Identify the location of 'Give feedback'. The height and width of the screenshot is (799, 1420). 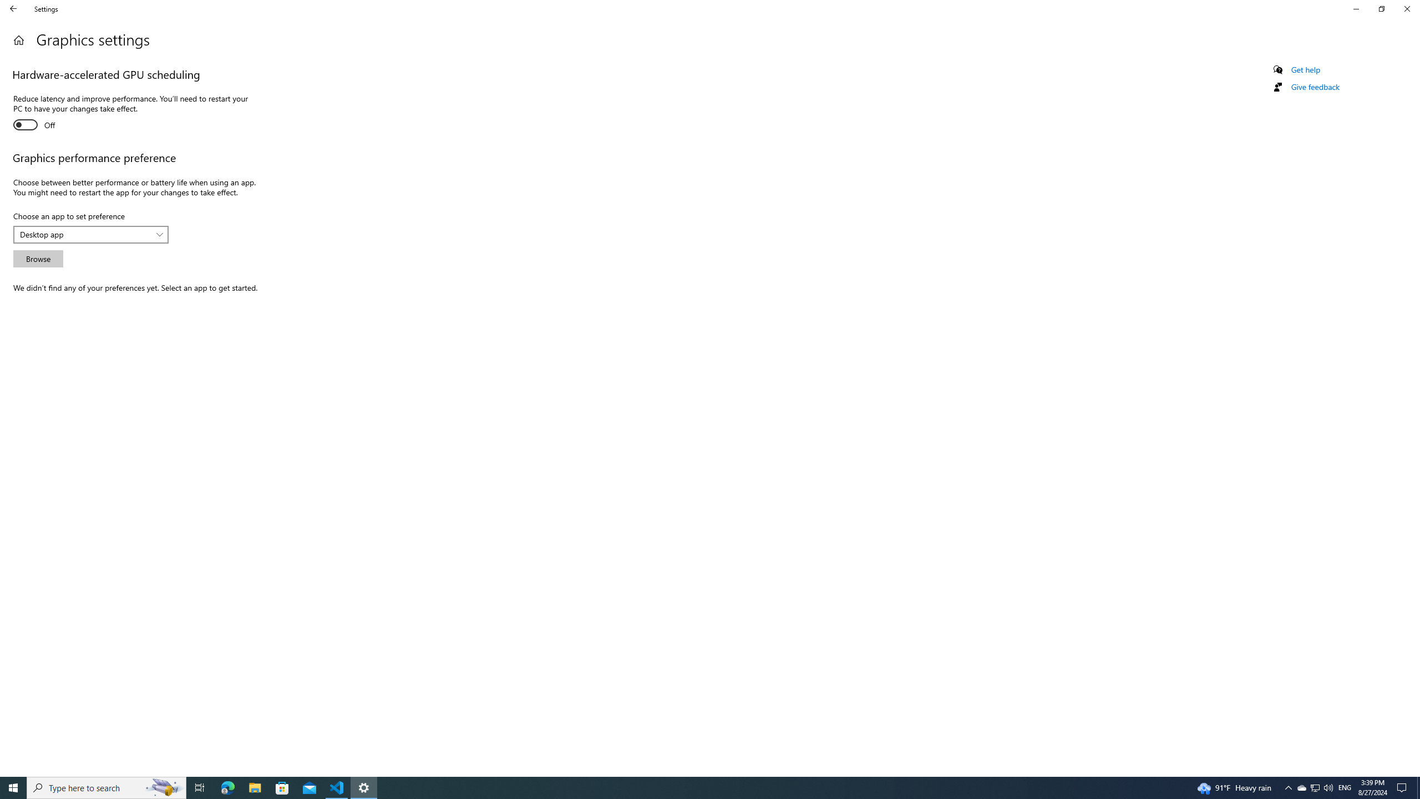
(1314, 87).